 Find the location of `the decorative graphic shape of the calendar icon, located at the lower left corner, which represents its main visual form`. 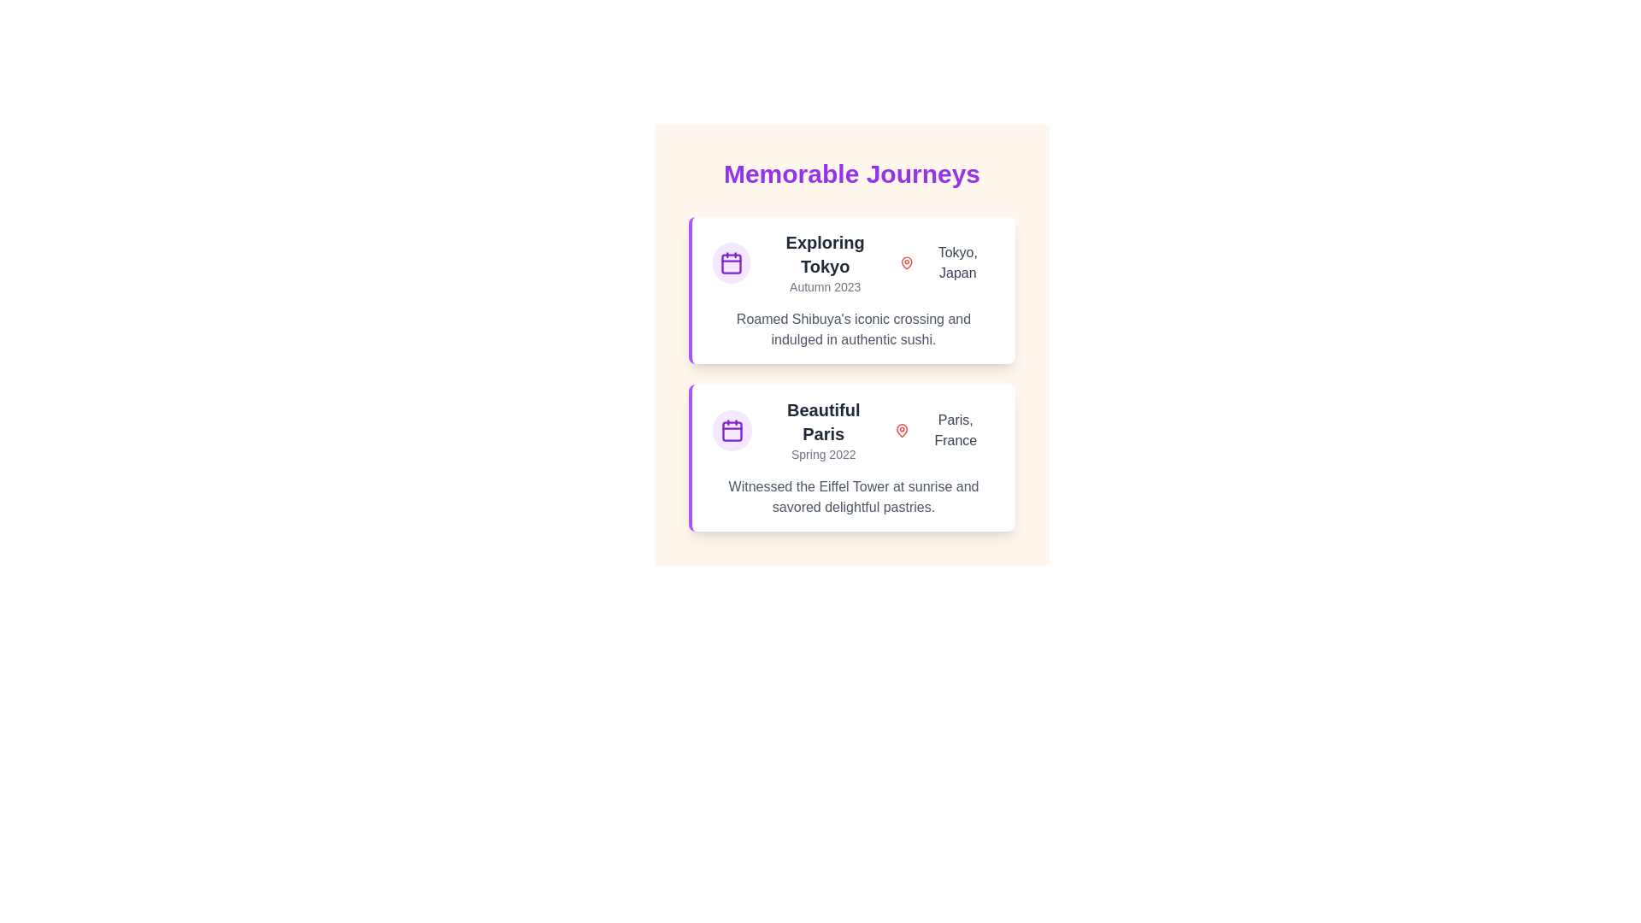

the decorative graphic shape of the calendar icon, located at the lower left corner, which represents its main visual form is located at coordinates (732, 431).